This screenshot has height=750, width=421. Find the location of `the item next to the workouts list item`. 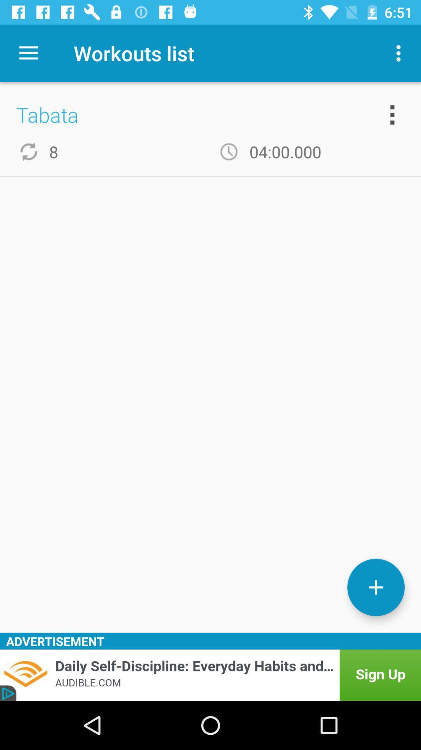

the item next to the workouts list item is located at coordinates (400, 53).